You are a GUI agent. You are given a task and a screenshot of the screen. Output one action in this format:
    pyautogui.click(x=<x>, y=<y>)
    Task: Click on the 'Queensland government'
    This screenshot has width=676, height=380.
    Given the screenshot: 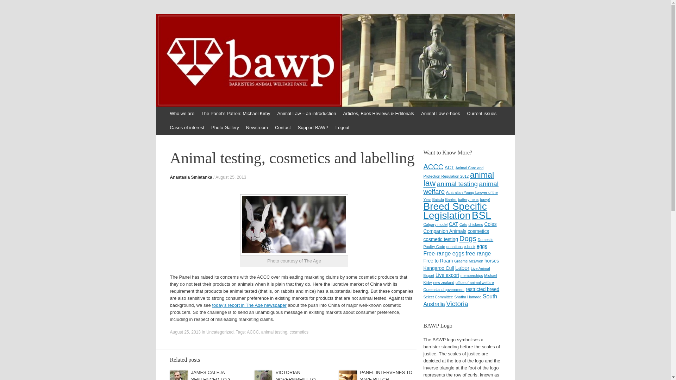 What is the action you would take?
    pyautogui.click(x=443, y=289)
    